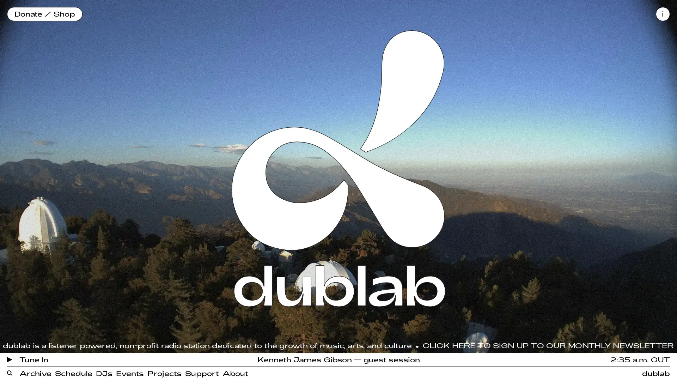 Image resolution: width=677 pixels, height=381 pixels. Describe the element at coordinates (28, 359) in the screenshot. I see `Tune In` at that location.